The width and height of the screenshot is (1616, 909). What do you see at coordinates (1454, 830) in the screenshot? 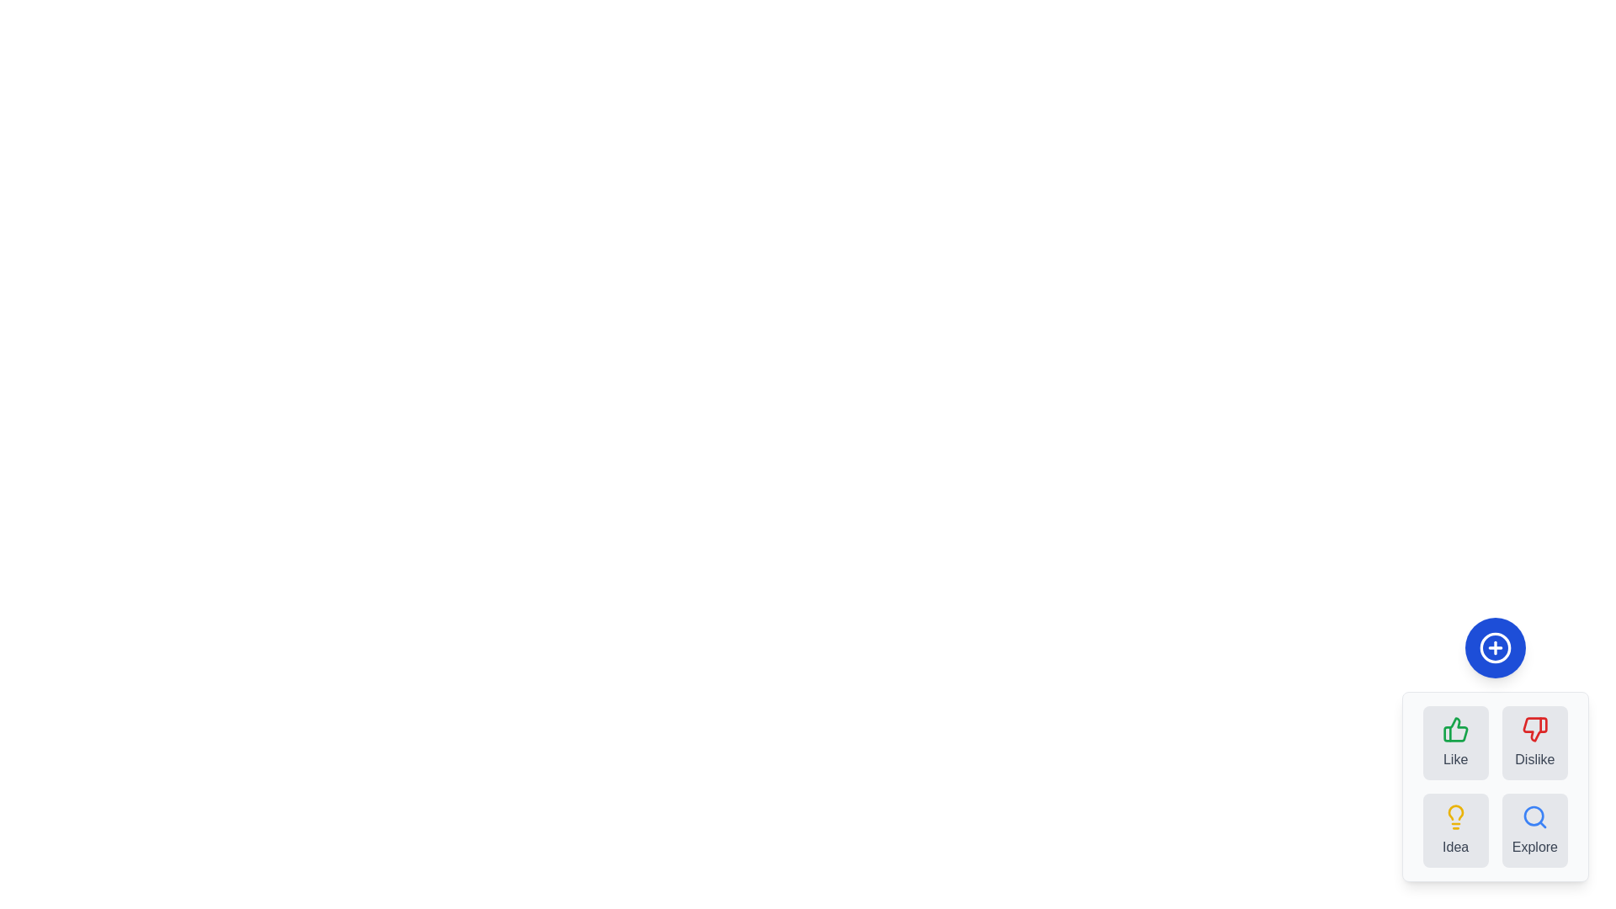
I see `the feedback option Idea` at bounding box center [1454, 830].